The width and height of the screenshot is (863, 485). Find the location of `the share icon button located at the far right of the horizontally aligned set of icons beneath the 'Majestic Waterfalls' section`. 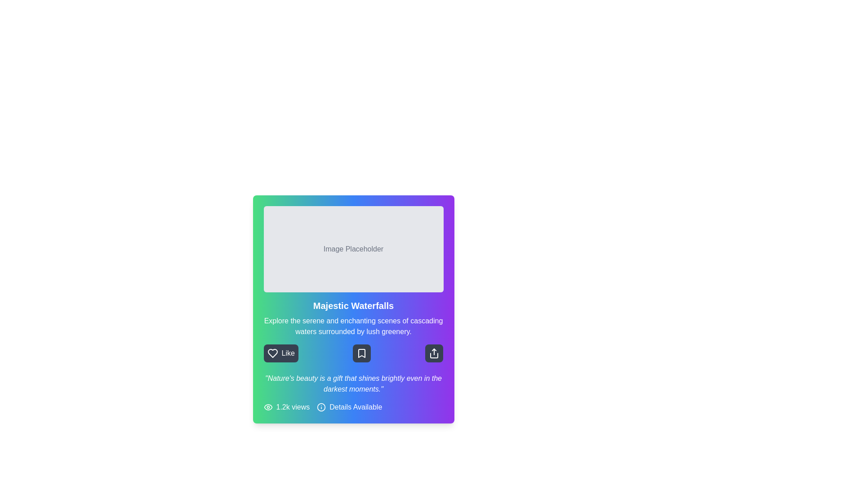

the share icon button located at the far right of the horizontally aligned set of icons beneath the 'Majestic Waterfalls' section is located at coordinates (434, 353).